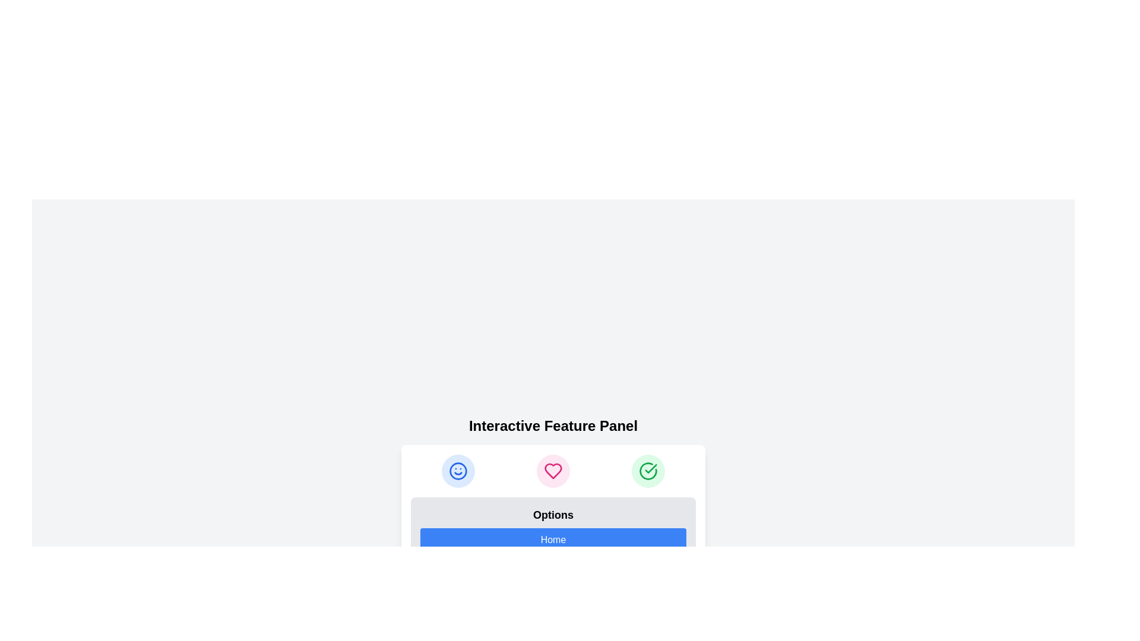 This screenshot has width=1140, height=641. Describe the element at coordinates (647, 471) in the screenshot. I see `the circular green button with a tick icon located on the far right within a row of three buttons` at that location.